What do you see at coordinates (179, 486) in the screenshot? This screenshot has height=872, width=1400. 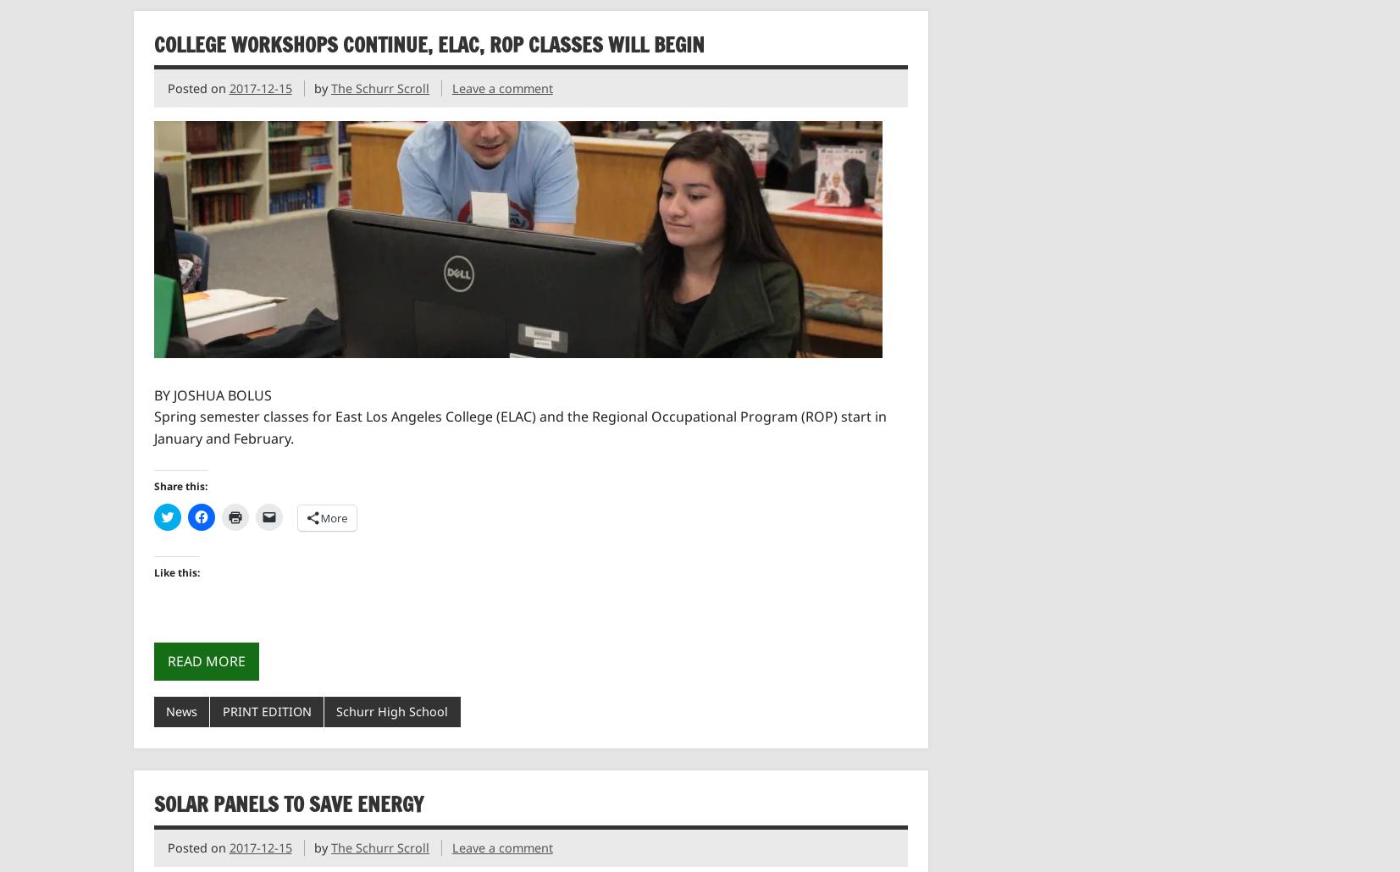 I see `'Share this:'` at bounding box center [179, 486].